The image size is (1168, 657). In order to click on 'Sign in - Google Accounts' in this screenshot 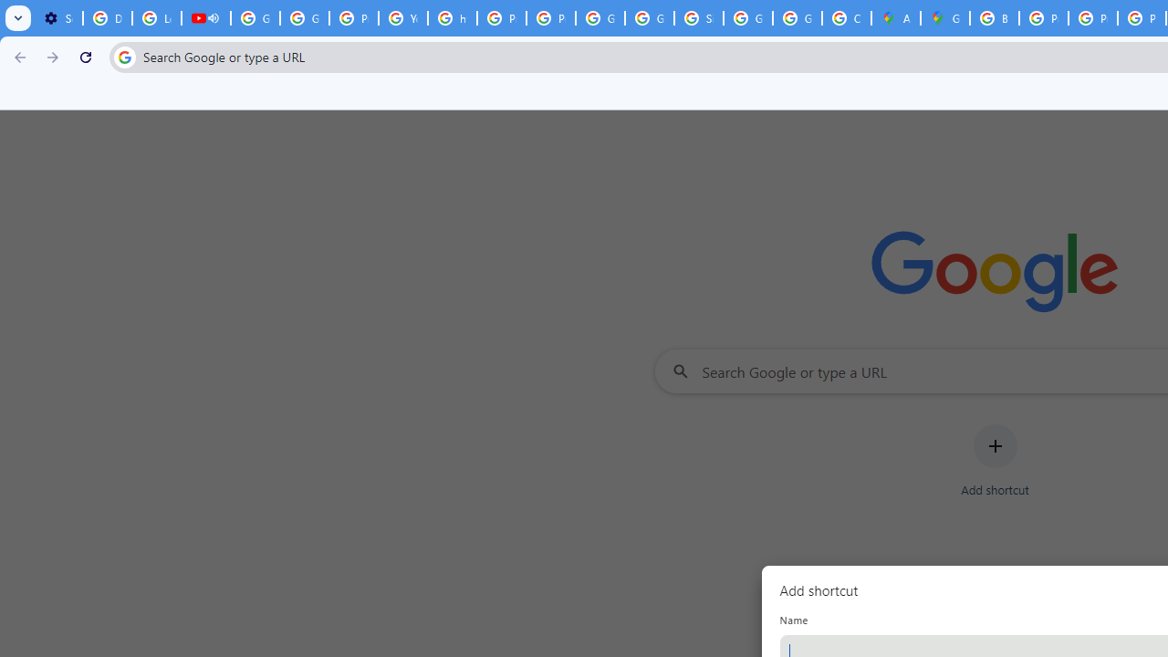, I will do `click(698, 18)`.